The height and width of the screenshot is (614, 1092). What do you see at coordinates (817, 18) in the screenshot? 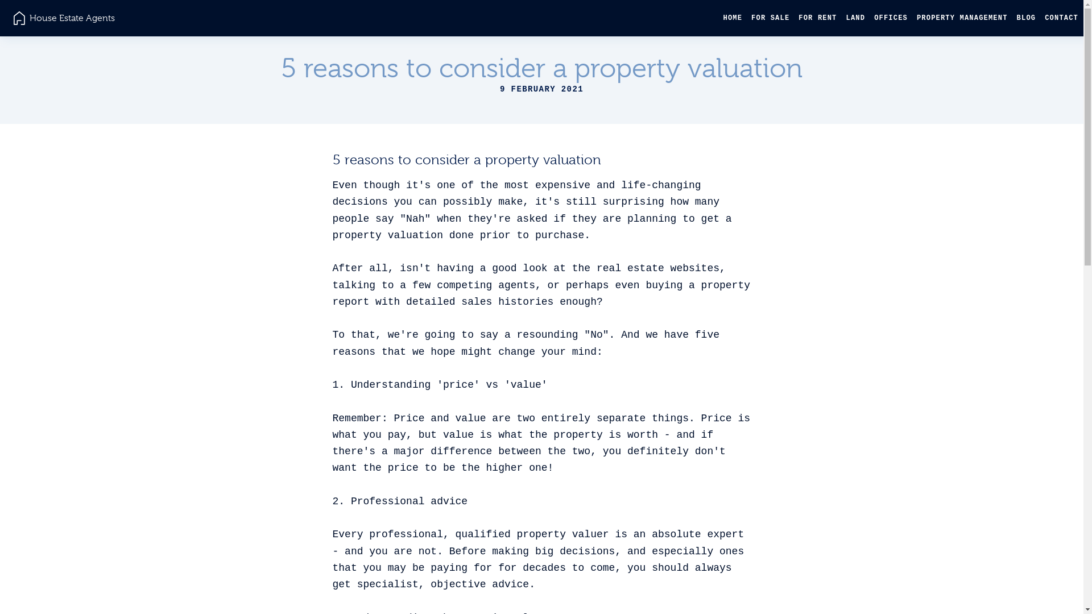
I see `'FOR RENT'` at bounding box center [817, 18].